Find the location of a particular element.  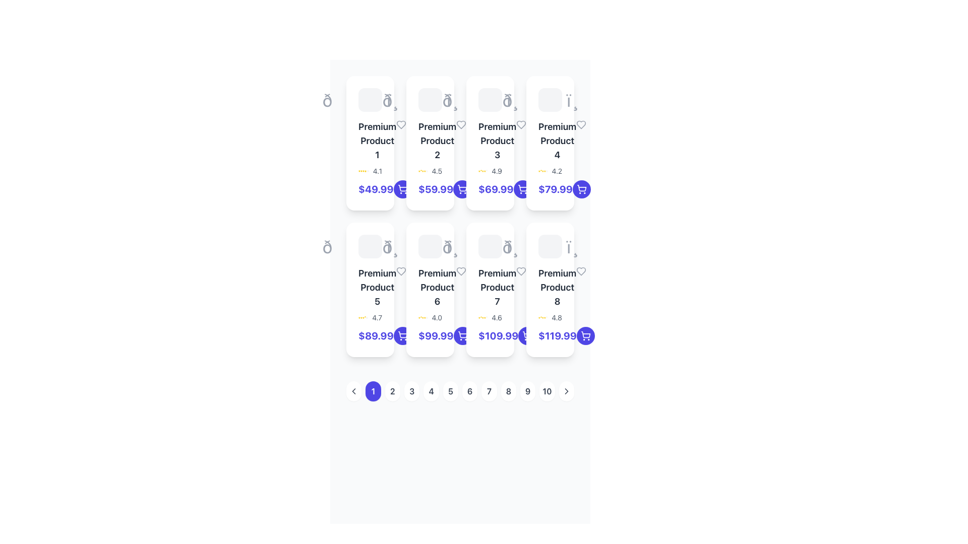

the small rightward arrow chevron icon is located at coordinates (566, 390).